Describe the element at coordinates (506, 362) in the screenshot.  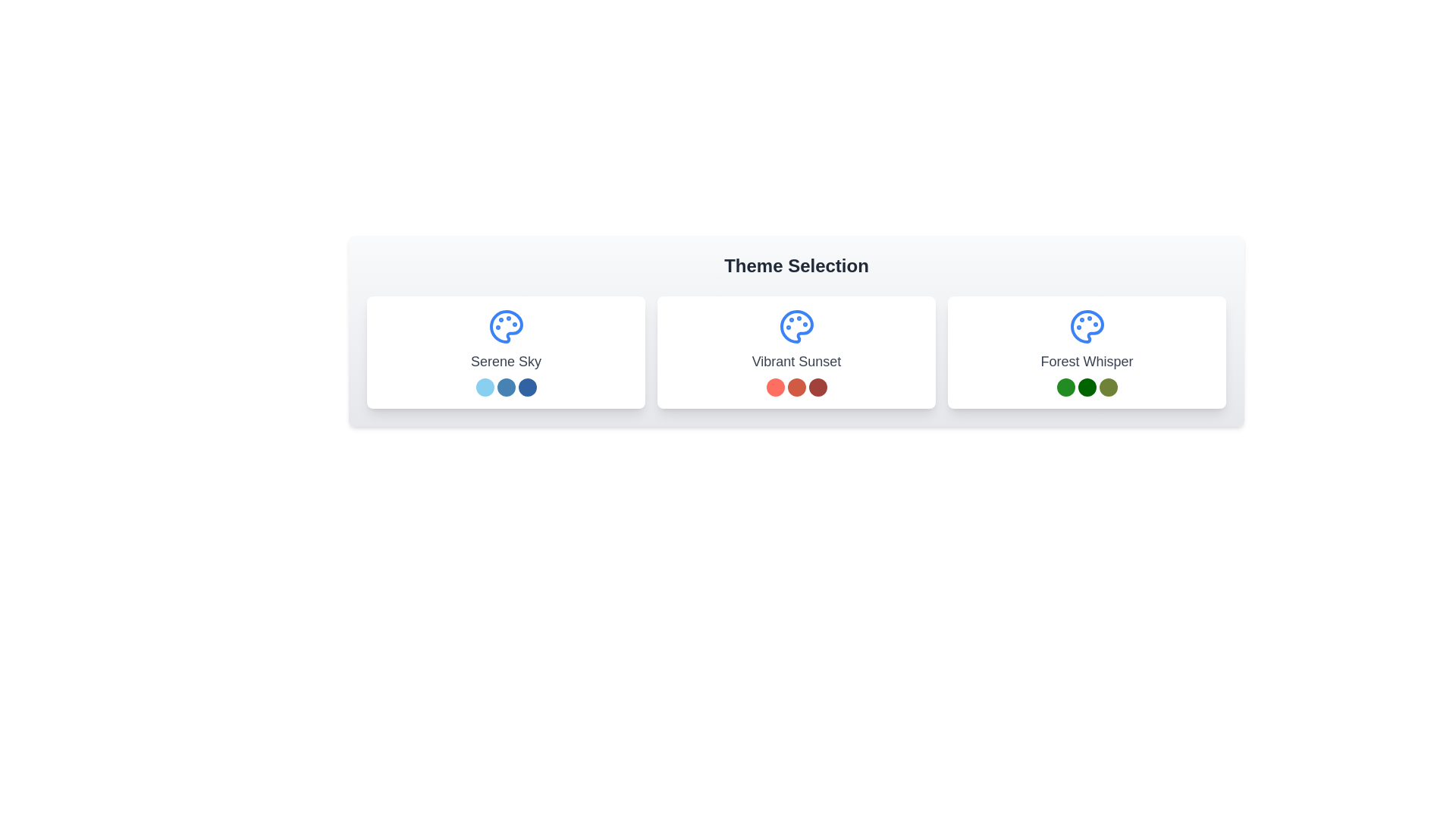
I see `text label displaying 'Serene Sky', which is centrally aligned within its card component, located below a blue color palette icon` at that location.